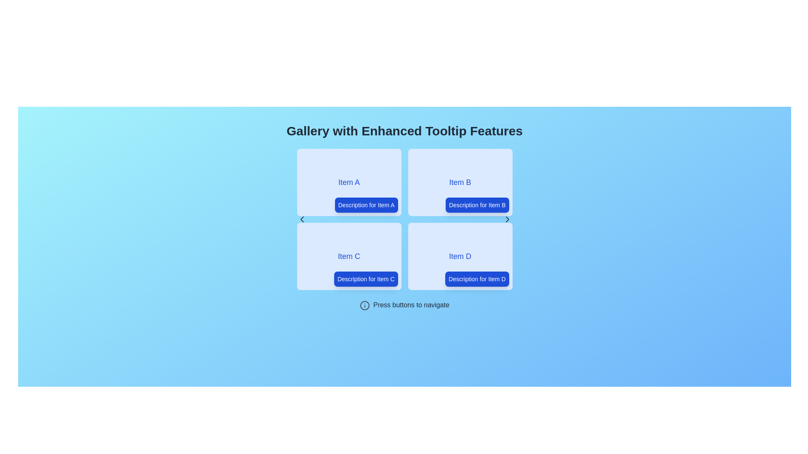 The image size is (808, 454). Describe the element at coordinates (477, 205) in the screenshot. I see `the blue rectangular label containing the text 'Description for Item B' in the bottom-right corner of the 'Item B' card` at that location.